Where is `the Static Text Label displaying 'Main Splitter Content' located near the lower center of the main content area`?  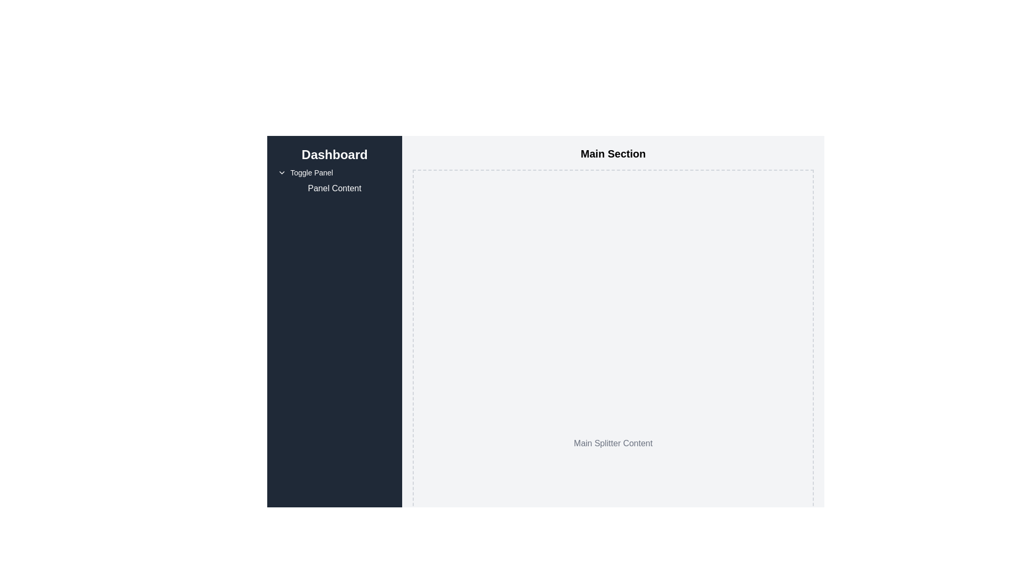
the Static Text Label displaying 'Main Splitter Content' located near the lower center of the main content area is located at coordinates (613, 443).